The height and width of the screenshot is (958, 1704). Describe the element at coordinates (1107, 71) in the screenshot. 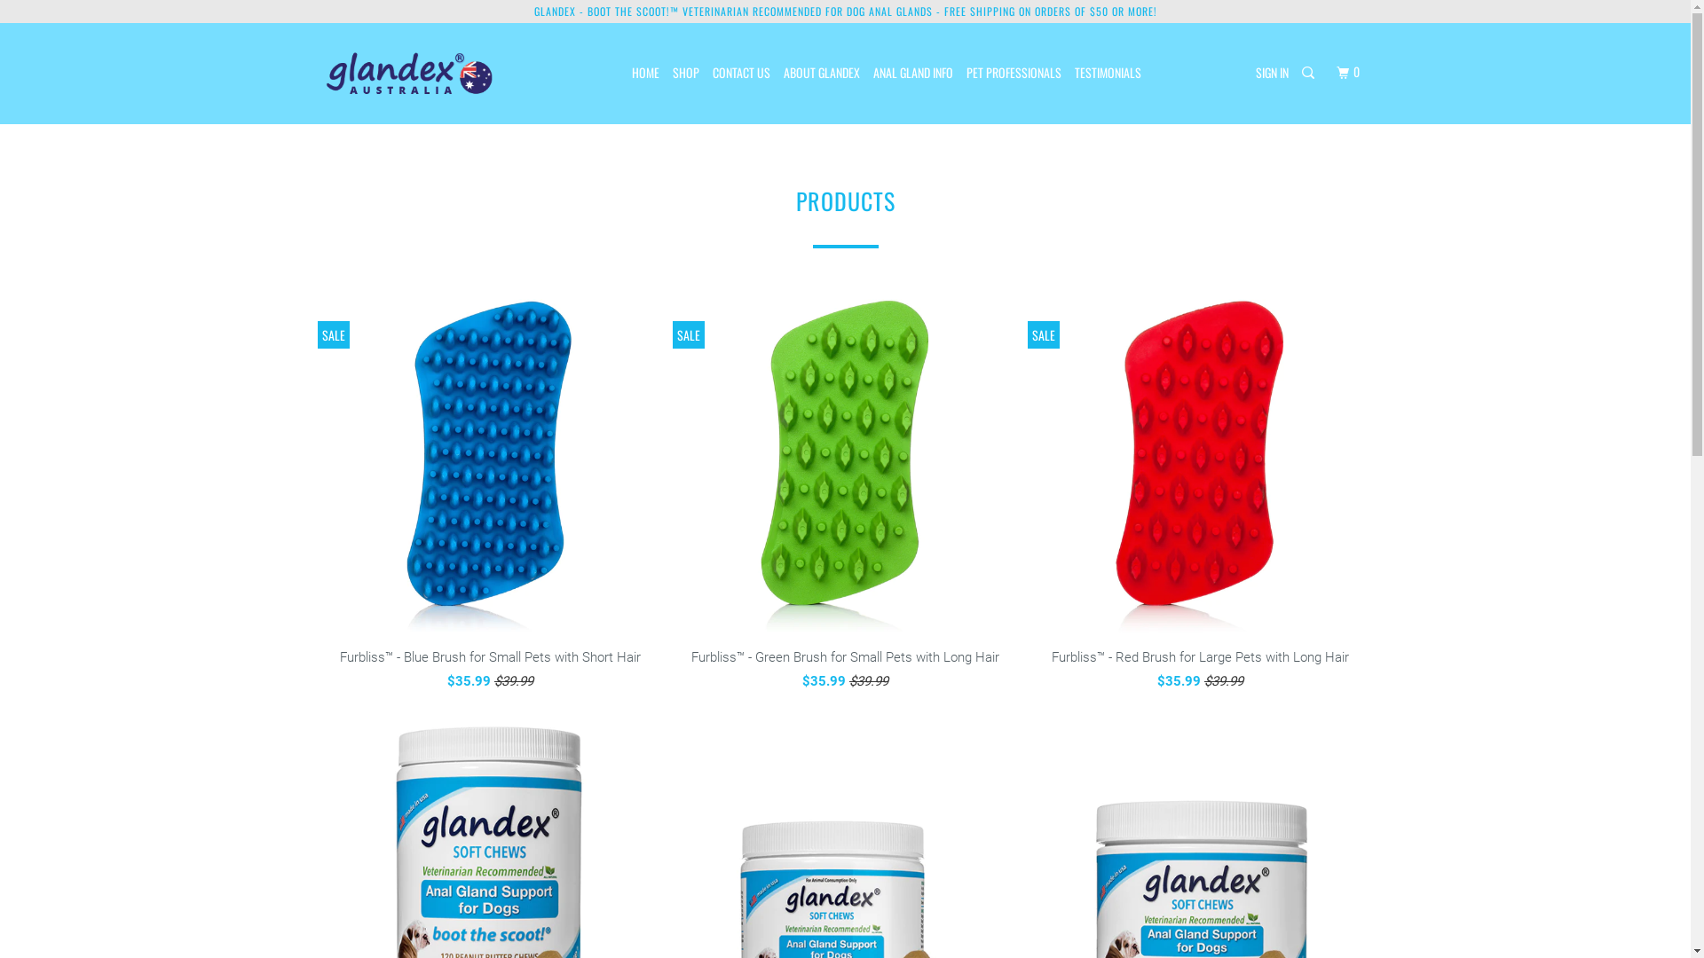

I see `'TESTIMONIALS'` at that location.